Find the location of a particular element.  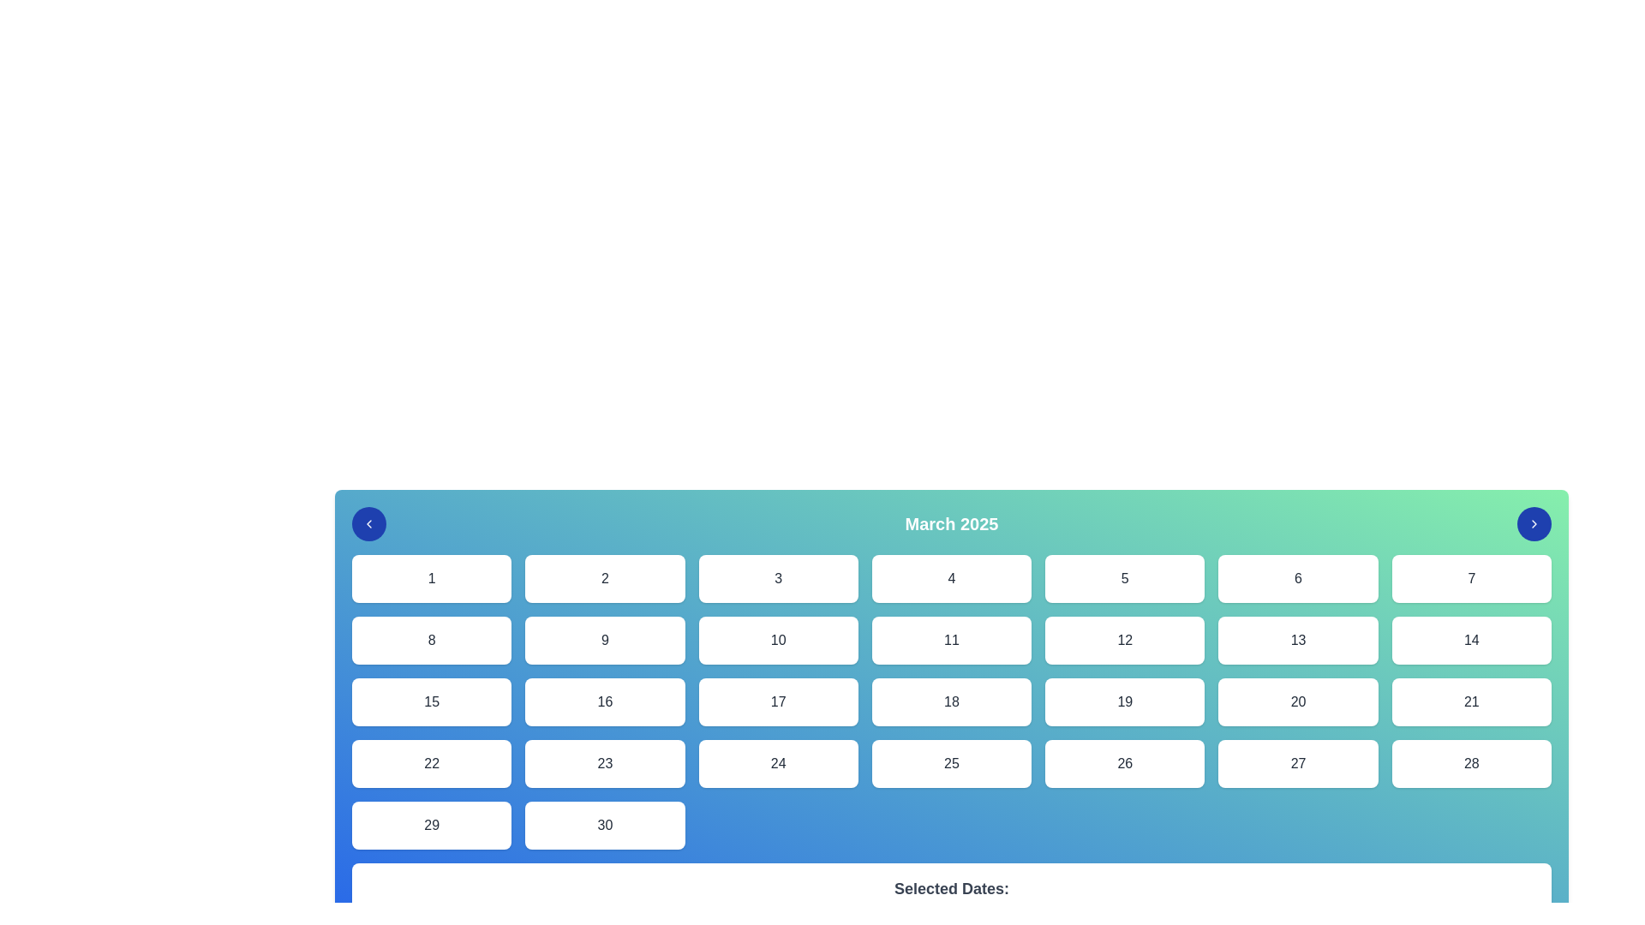

the button representing the date '10' in the calendar interface is located at coordinates (777, 641).